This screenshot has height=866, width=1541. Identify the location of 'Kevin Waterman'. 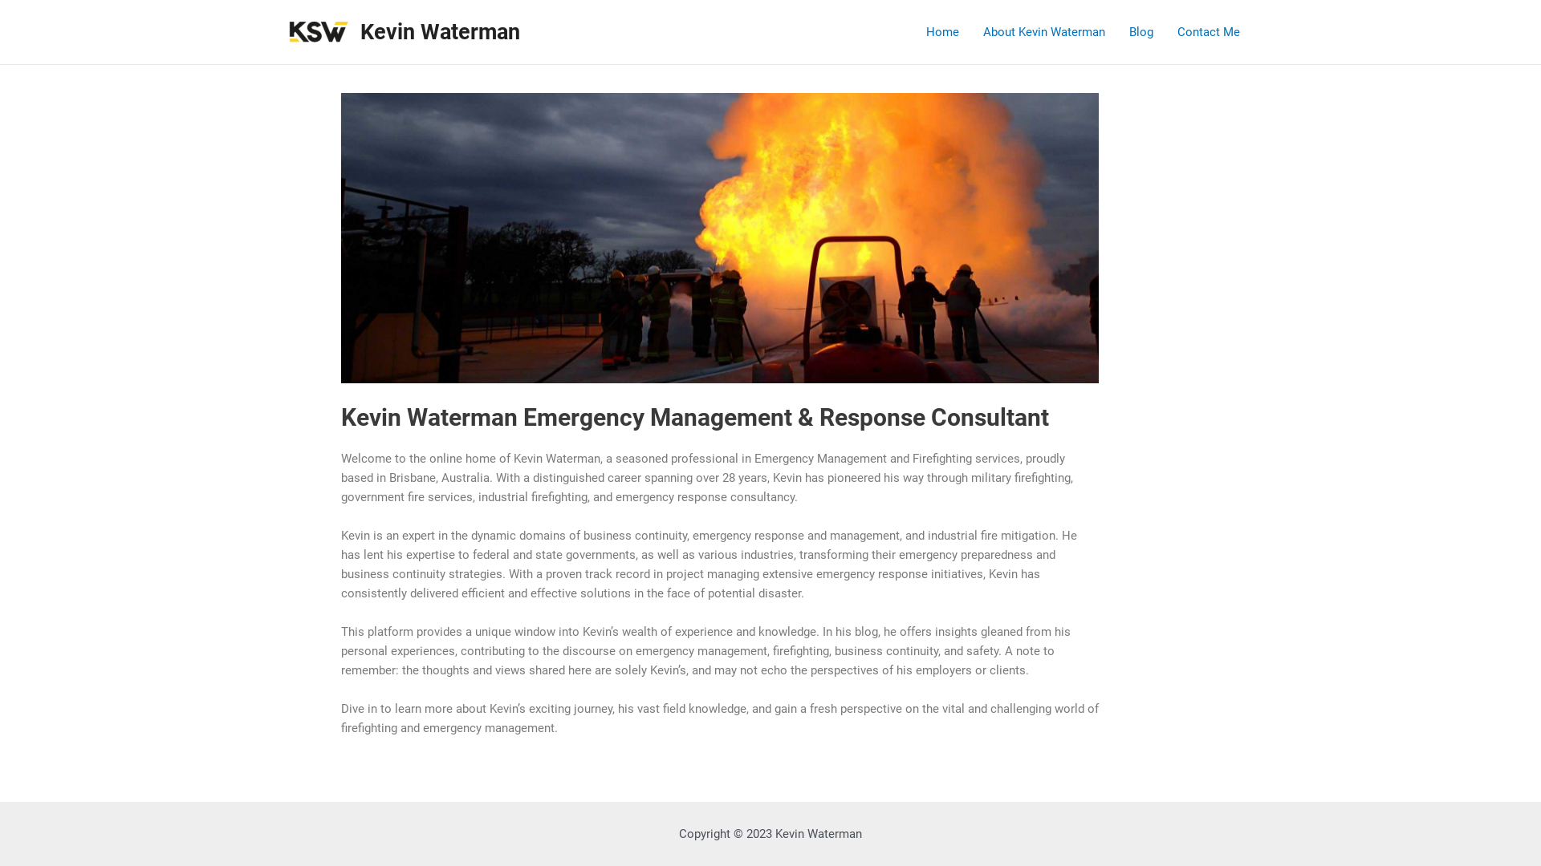
(360, 31).